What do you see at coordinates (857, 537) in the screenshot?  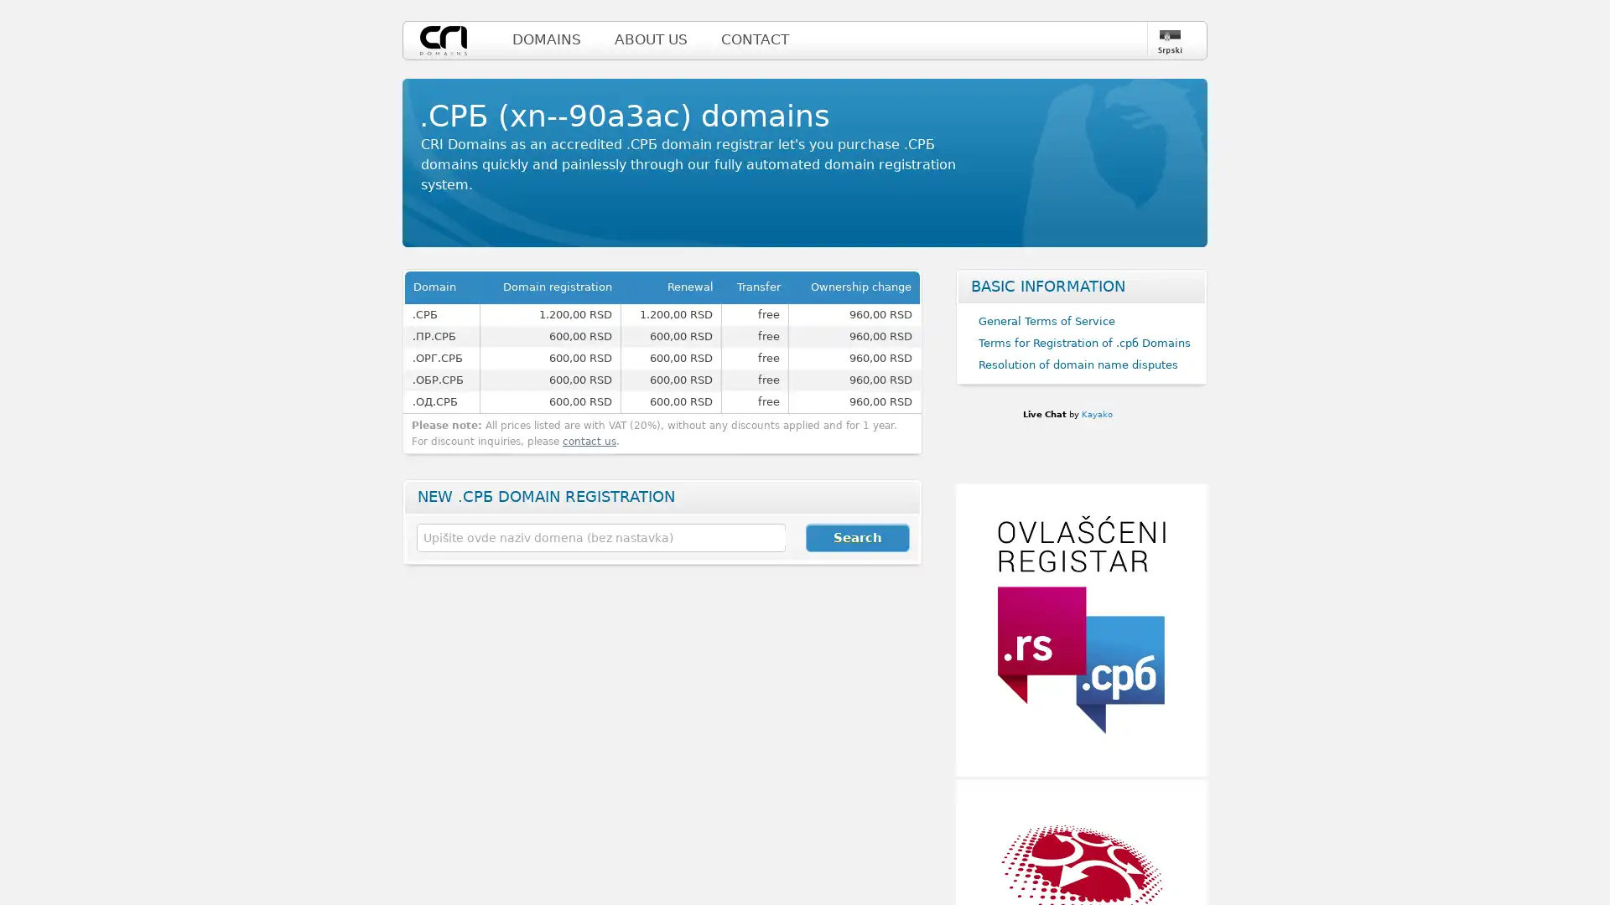 I see `Search` at bounding box center [857, 537].